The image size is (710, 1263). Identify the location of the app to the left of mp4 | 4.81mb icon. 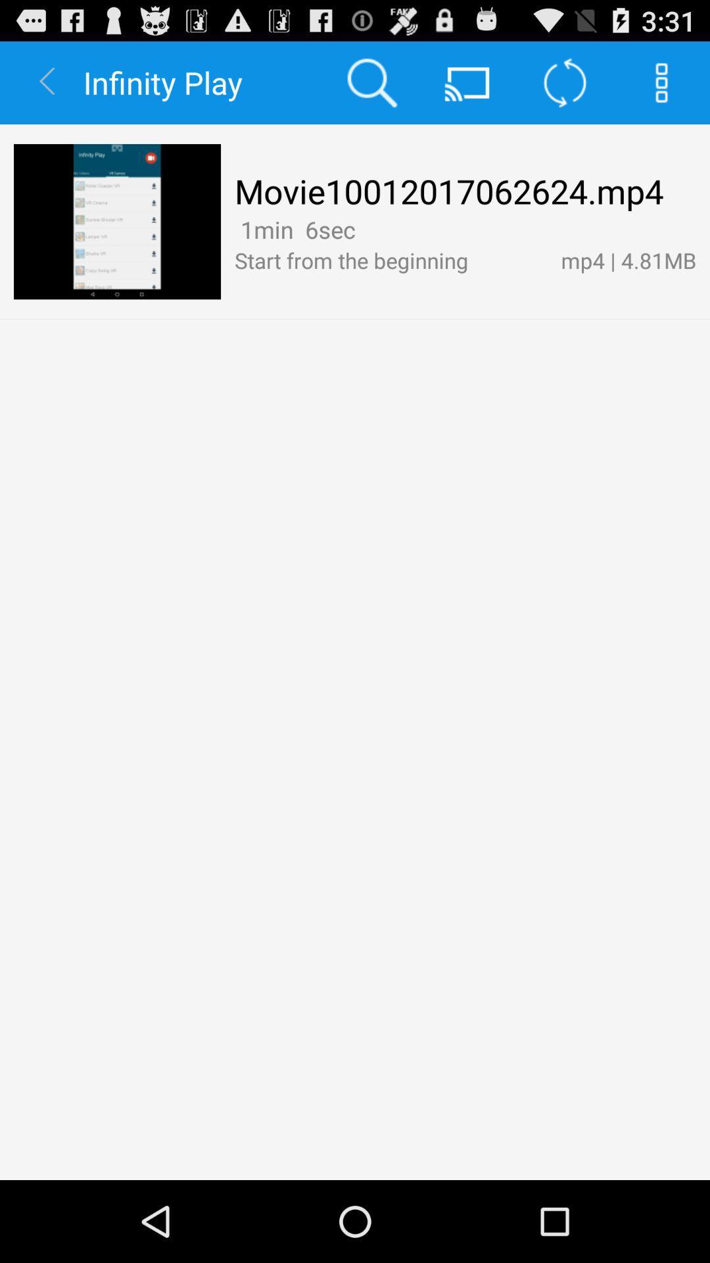
(365, 229).